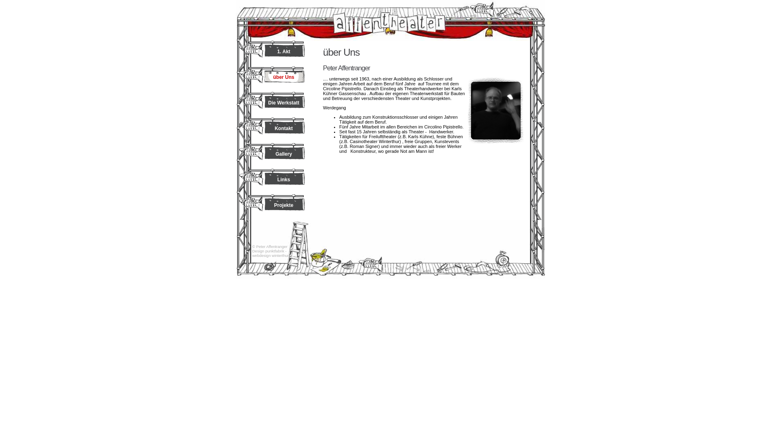  I want to click on 'Projekte', so click(272, 206).